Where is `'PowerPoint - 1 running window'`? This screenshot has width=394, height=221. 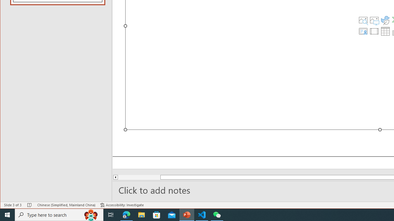
'PowerPoint - 1 running window' is located at coordinates (187, 214).